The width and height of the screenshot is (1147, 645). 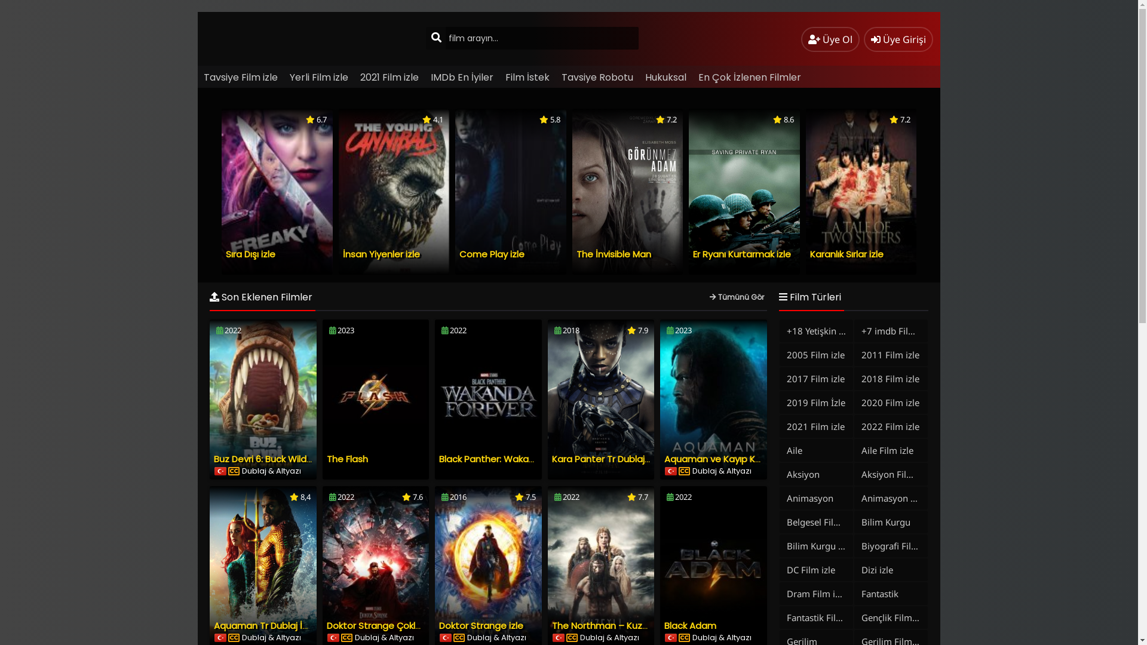 I want to click on 'Belgesel Film izle', so click(x=815, y=521).